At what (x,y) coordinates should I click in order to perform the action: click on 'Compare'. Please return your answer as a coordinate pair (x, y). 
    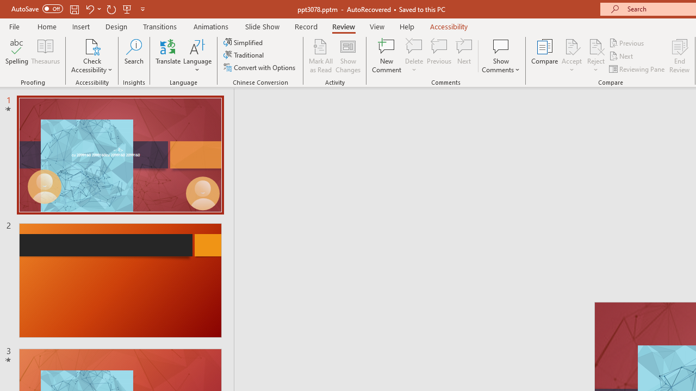
    Looking at the image, I should click on (545, 56).